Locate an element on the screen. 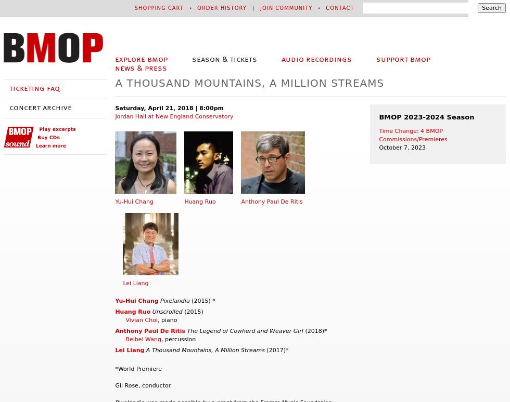 This screenshot has width=510, height=402. '(2015) *' is located at coordinates (202, 300).